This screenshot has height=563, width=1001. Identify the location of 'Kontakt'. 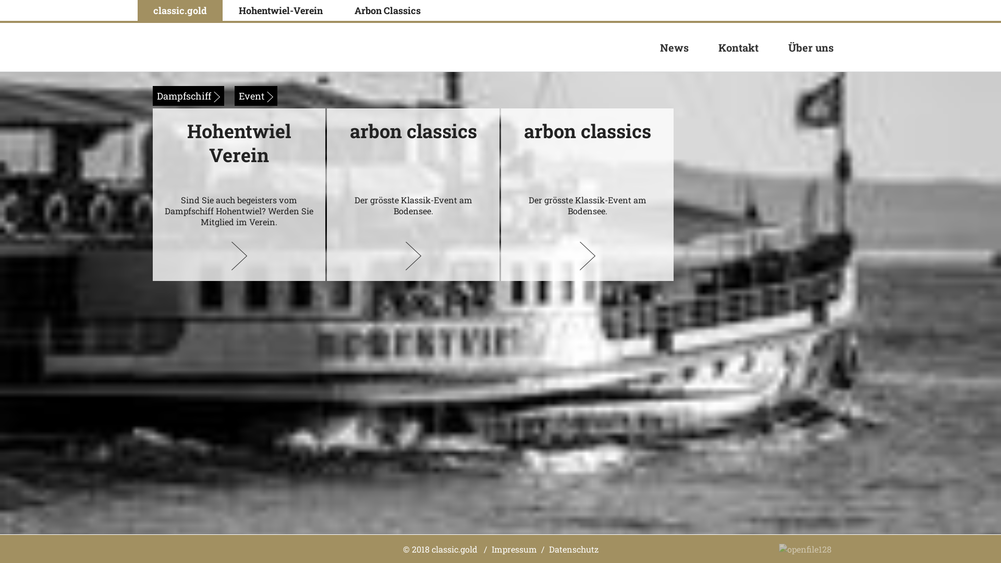
(738, 47).